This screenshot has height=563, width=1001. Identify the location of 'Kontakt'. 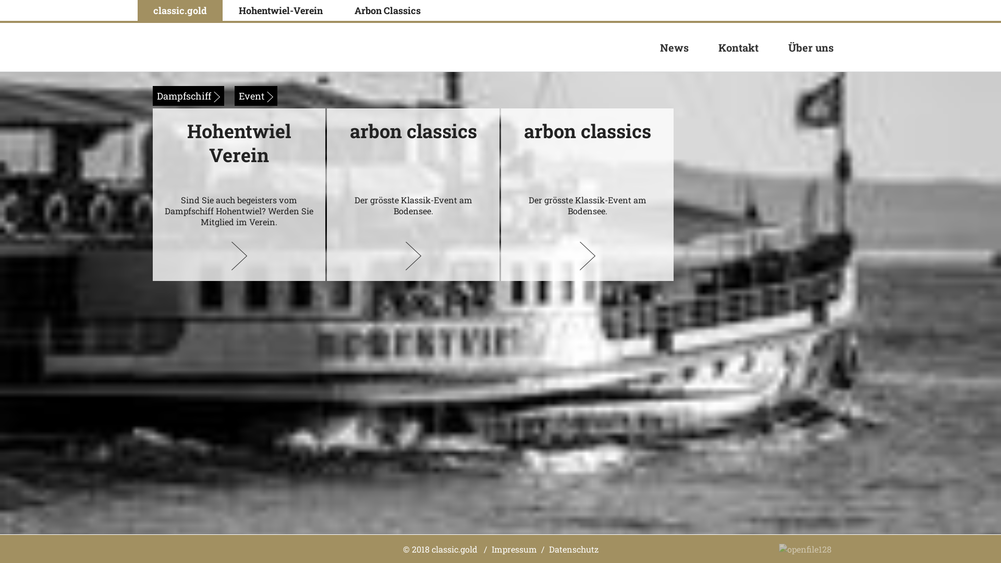
(738, 47).